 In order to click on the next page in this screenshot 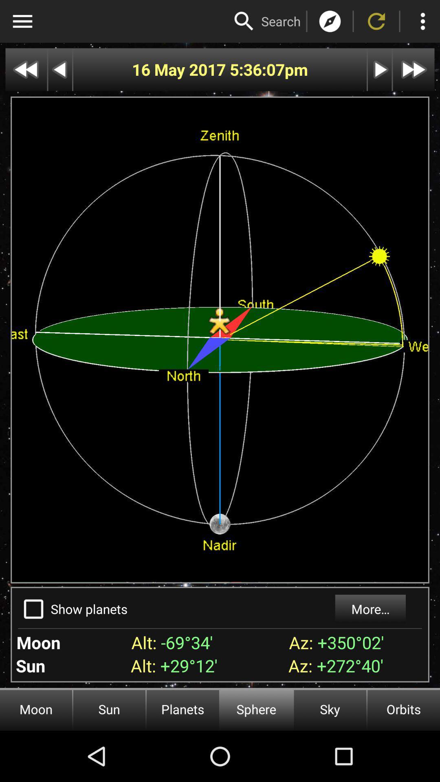, I will do `click(414, 70)`.